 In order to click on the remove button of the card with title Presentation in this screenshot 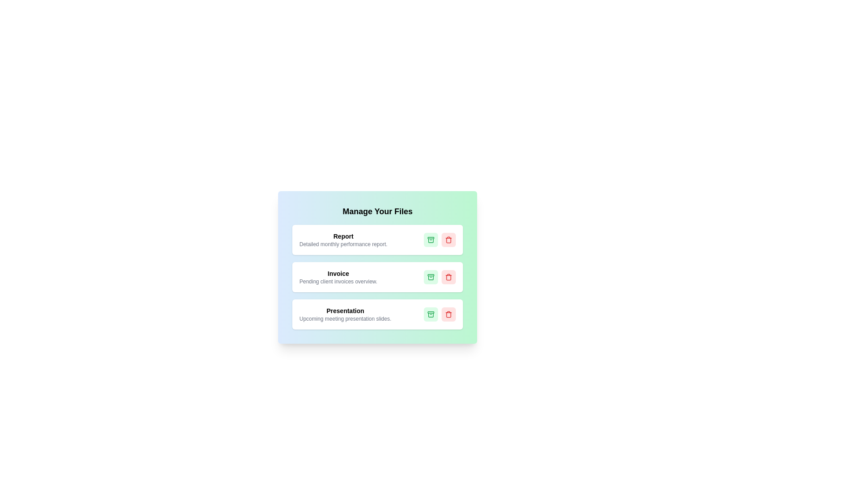, I will do `click(448, 314)`.